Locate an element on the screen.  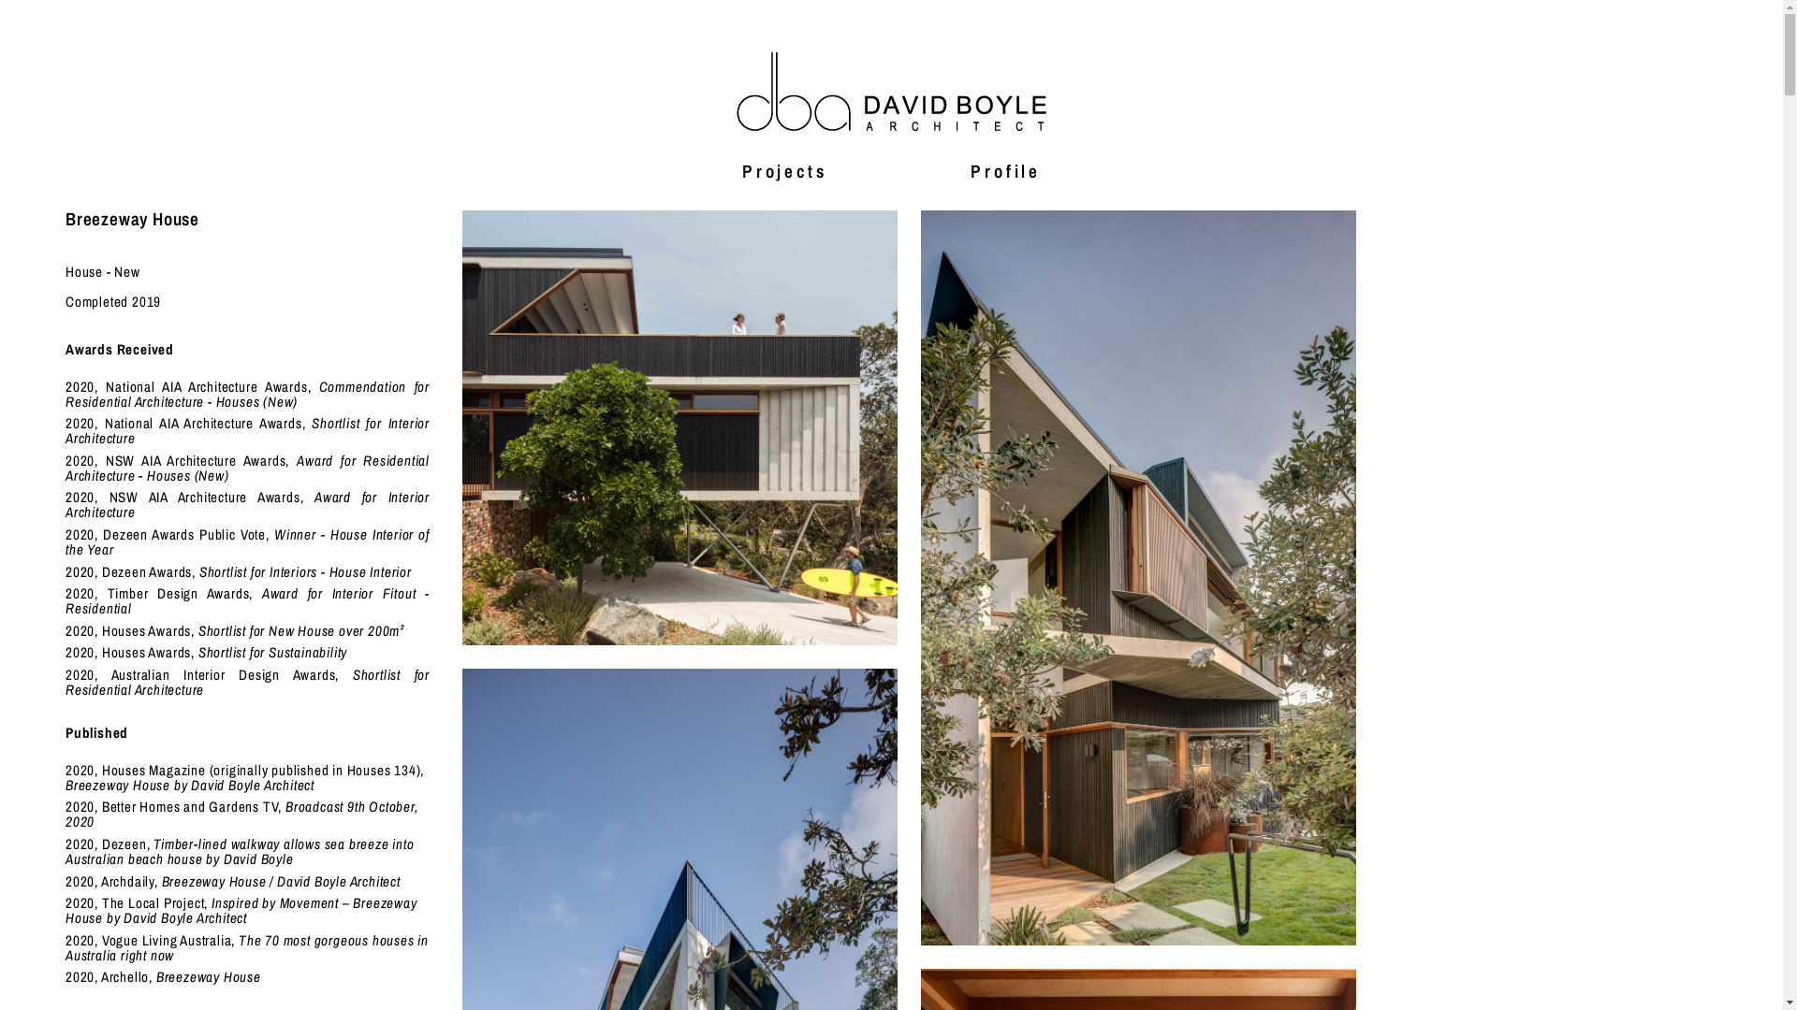
'House - New' is located at coordinates (102, 271).